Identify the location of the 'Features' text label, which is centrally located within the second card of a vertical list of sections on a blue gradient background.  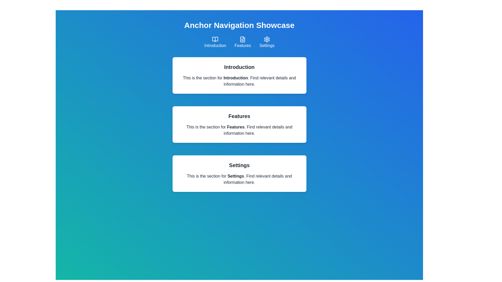
(235, 127).